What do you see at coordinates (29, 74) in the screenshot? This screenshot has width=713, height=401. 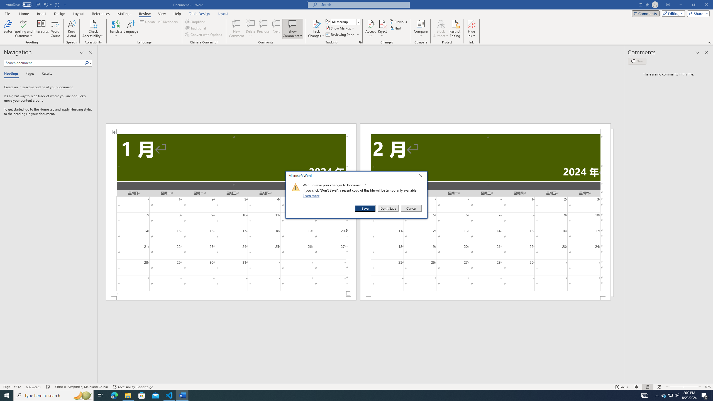 I see `'Pages'` at bounding box center [29, 74].